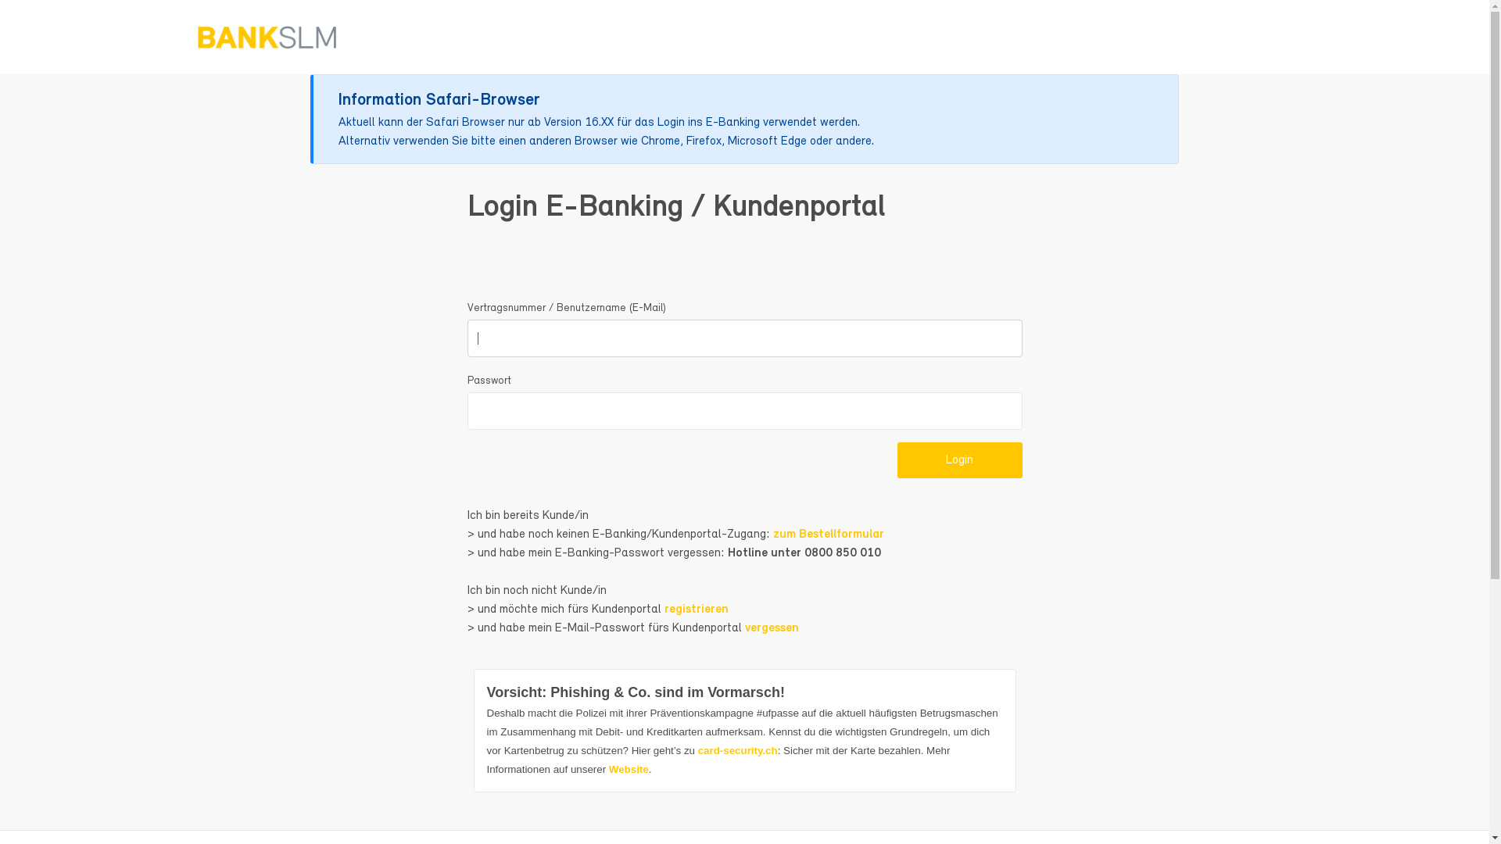 The width and height of the screenshot is (1501, 844). What do you see at coordinates (737, 749) in the screenshot?
I see `'card-security.ch'` at bounding box center [737, 749].